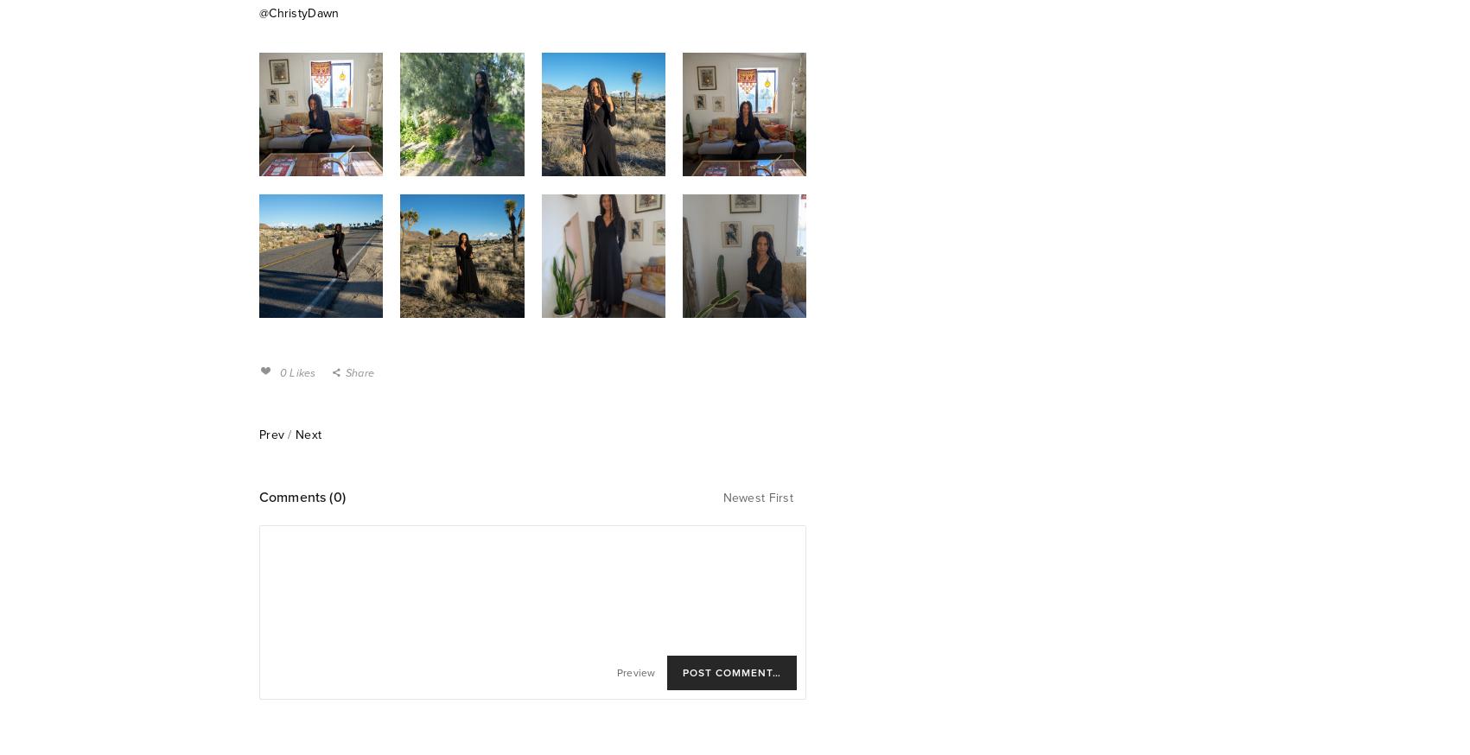 The width and height of the screenshot is (1470, 755). Describe the element at coordinates (722, 497) in the screenshot. I see `'Newest First'` at that location.